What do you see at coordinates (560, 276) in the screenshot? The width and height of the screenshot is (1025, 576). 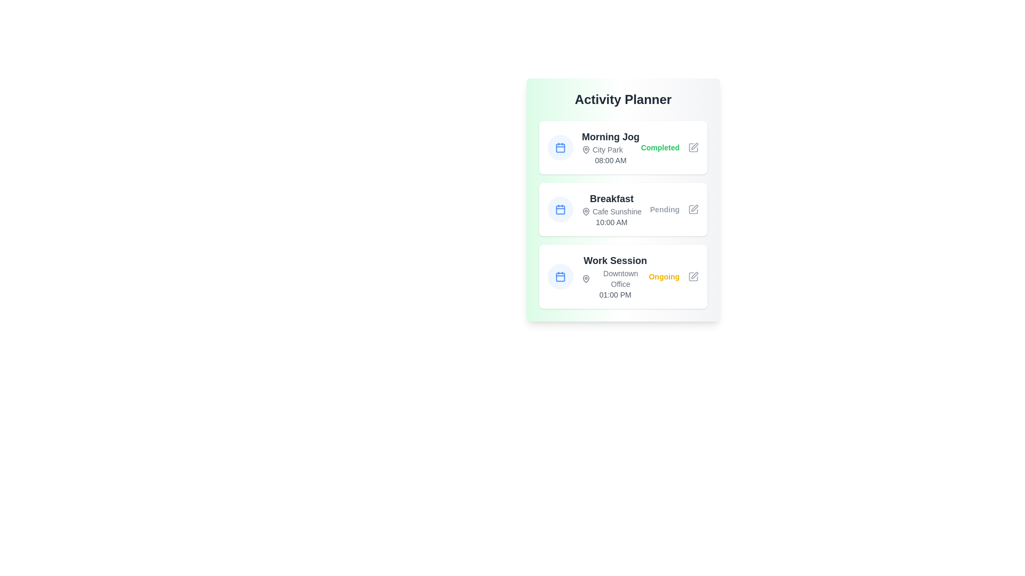 I see `the square representing the main body of the calendar icon in the 'Work Session' entry of the 'Activity Planner' card` at bounding box center [560, 276].